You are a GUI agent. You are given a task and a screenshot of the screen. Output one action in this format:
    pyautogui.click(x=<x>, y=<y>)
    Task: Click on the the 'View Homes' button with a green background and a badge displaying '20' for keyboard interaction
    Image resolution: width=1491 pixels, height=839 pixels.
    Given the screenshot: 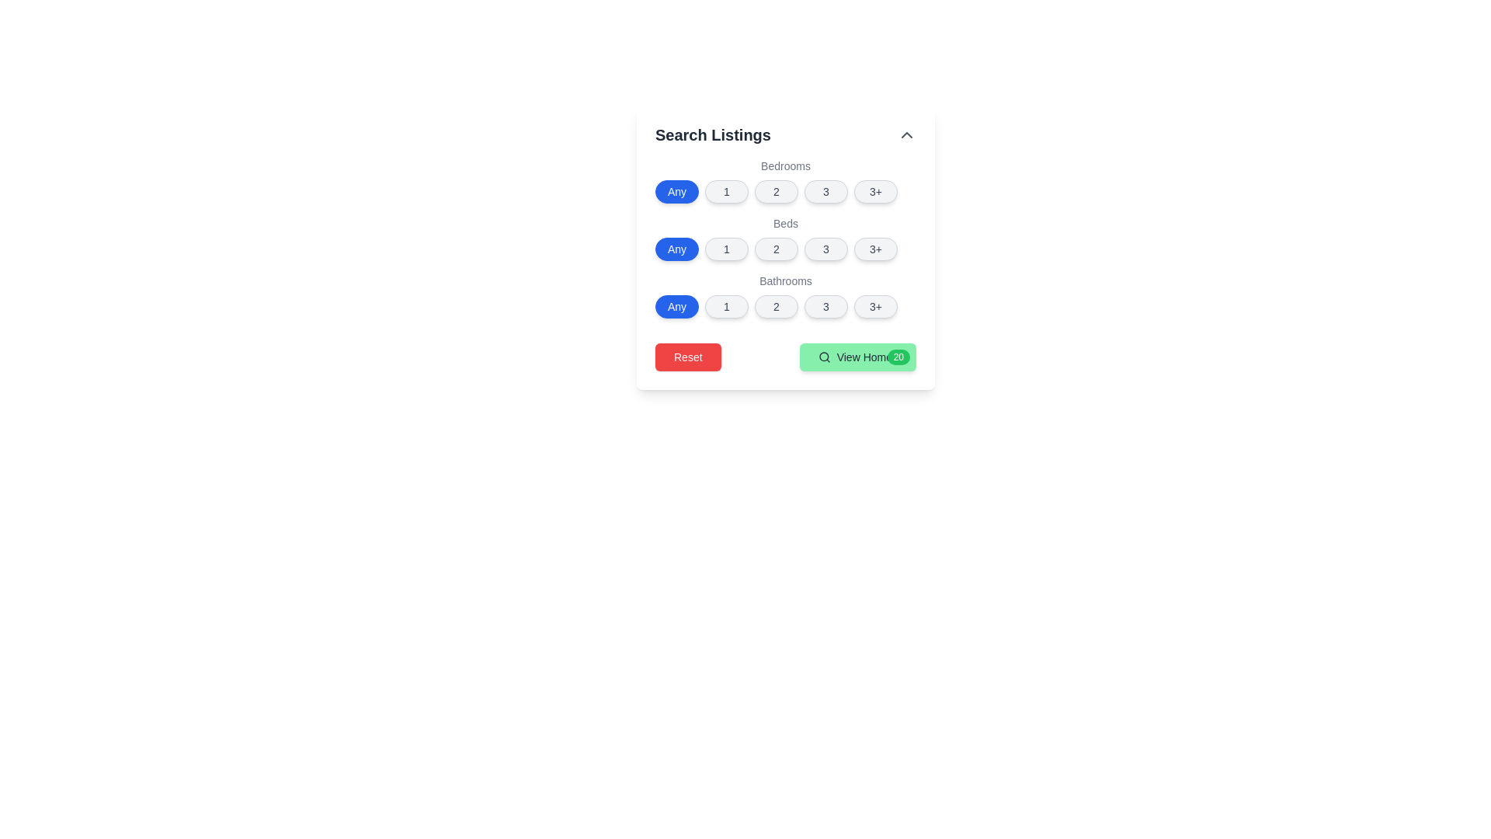 What is the action you would take?
    pyautogui.click(x=857, y=357)
    